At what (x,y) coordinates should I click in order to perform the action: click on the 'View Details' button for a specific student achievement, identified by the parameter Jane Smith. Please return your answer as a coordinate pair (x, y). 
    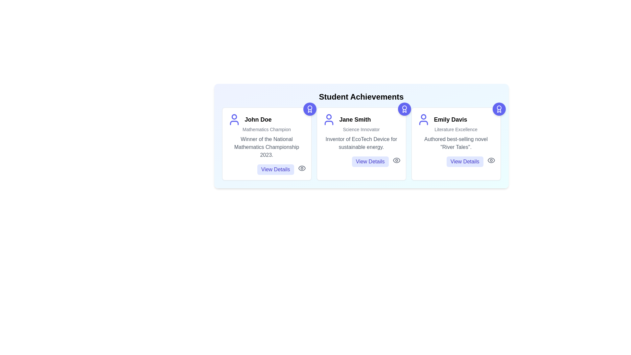
    Looking at the image, I should click on (370, 162).